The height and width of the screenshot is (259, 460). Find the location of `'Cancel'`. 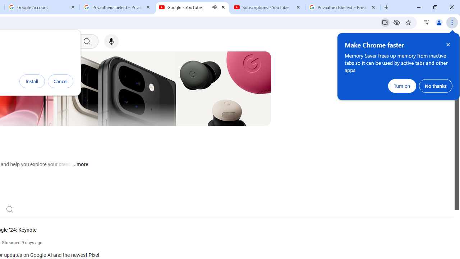

'Cancel' is located at coordinates (60, 81).